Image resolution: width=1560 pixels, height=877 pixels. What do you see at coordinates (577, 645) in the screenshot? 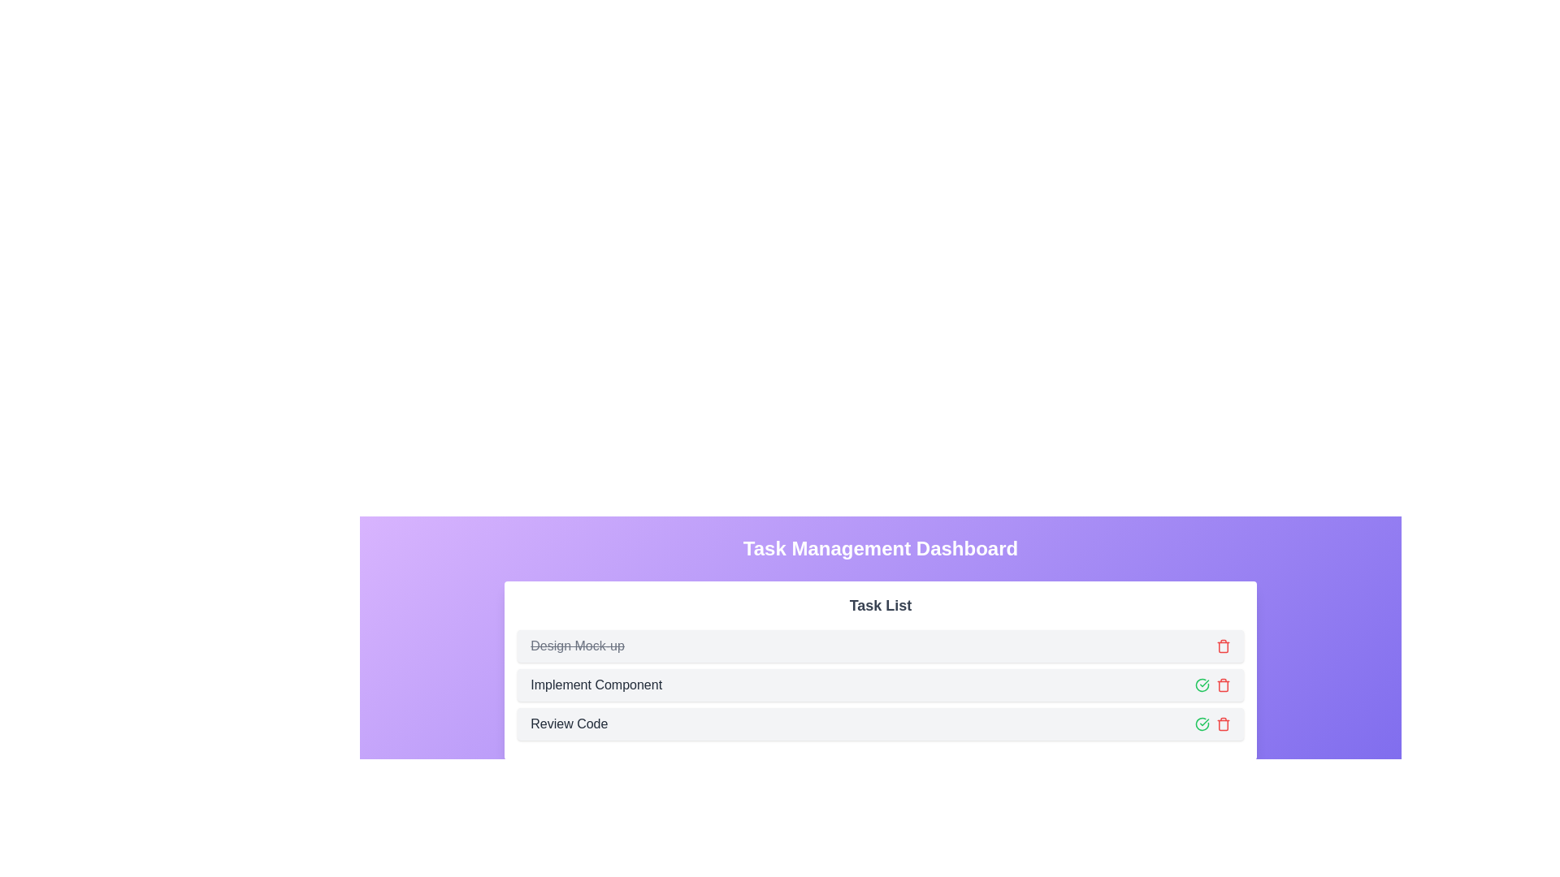
I see `the text 'Design Mock-up' which is displayed with a strikethrough in the first task row of the list` at bounding box center [577, 645].